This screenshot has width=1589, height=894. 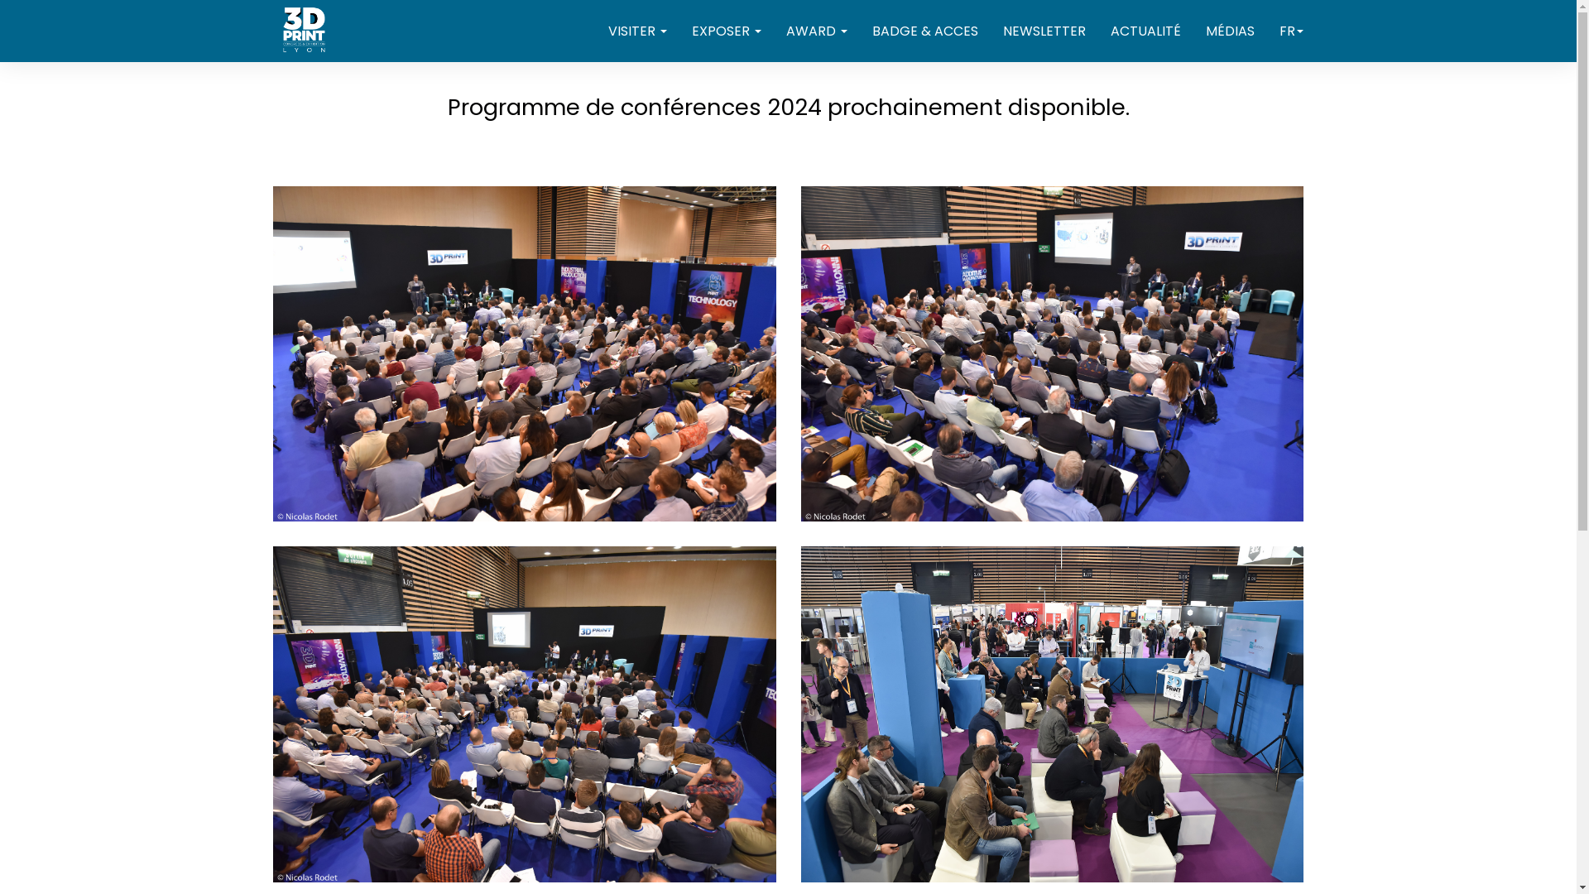 What do you see at coordinates (1044, 31) in the screenshot?
I see `'NEWSLETTER'` at bounding box center [1044, 31].